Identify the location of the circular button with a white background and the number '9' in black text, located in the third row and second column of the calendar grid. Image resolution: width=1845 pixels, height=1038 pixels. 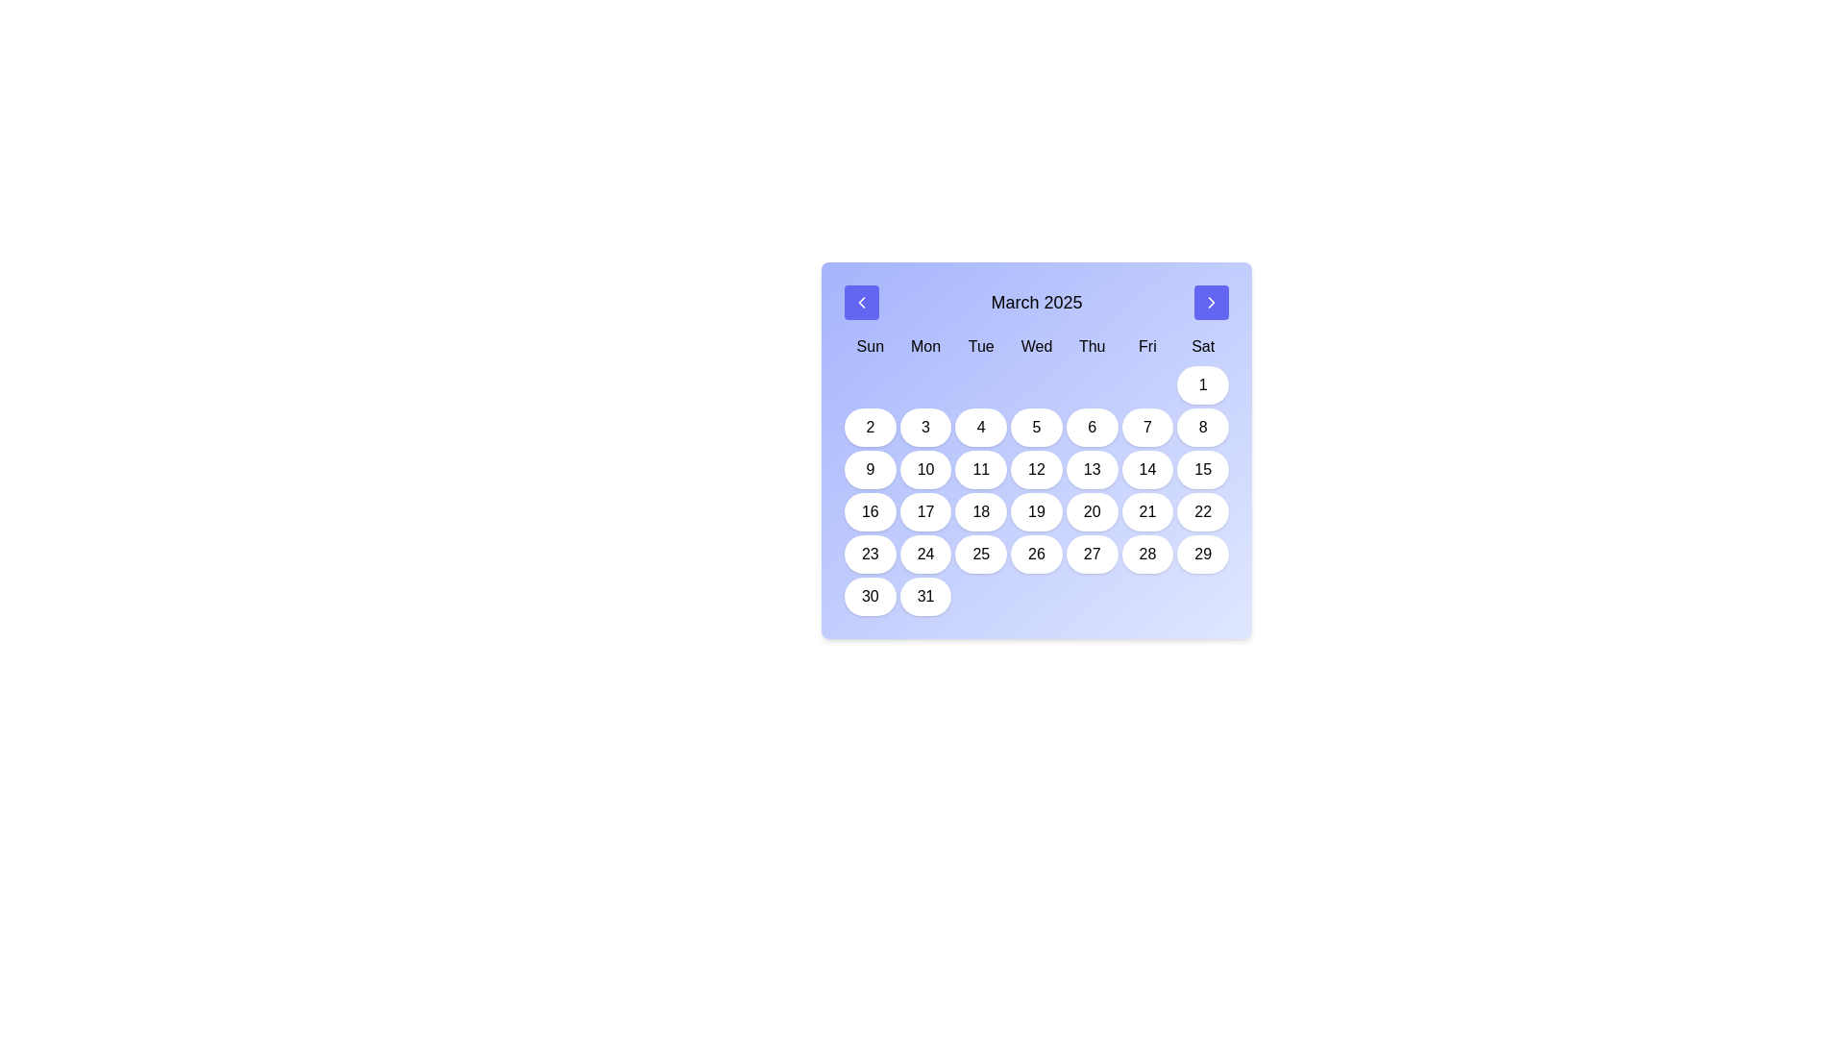
(869, 470).